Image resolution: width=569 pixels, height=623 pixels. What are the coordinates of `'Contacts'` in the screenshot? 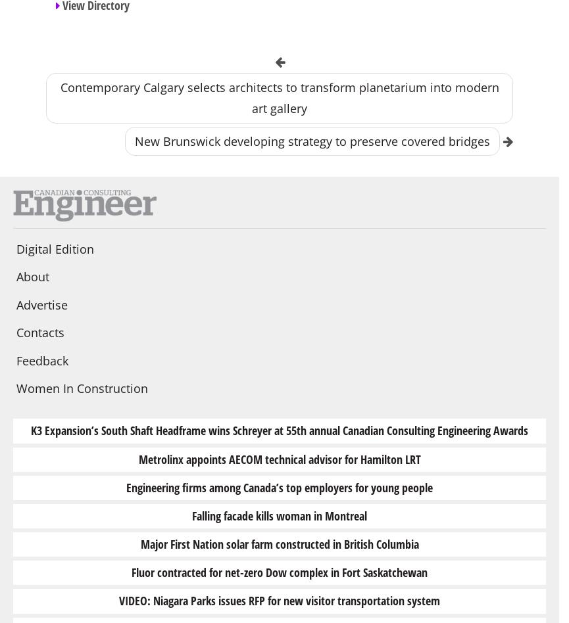 It's located at (40, 333).